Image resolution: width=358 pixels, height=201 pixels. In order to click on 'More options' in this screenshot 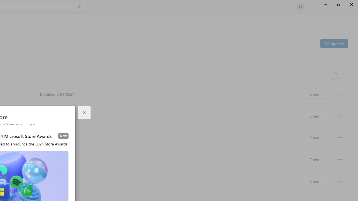, I will do `click(340, 181)`.